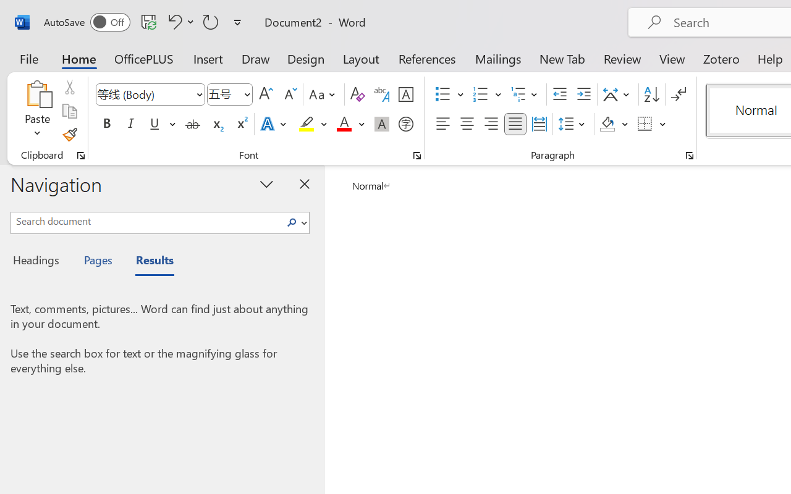  What do you see at coordinates (69, 135) in the screenshot?
I see `'Format Painter'` at bounding box center [69, 135].